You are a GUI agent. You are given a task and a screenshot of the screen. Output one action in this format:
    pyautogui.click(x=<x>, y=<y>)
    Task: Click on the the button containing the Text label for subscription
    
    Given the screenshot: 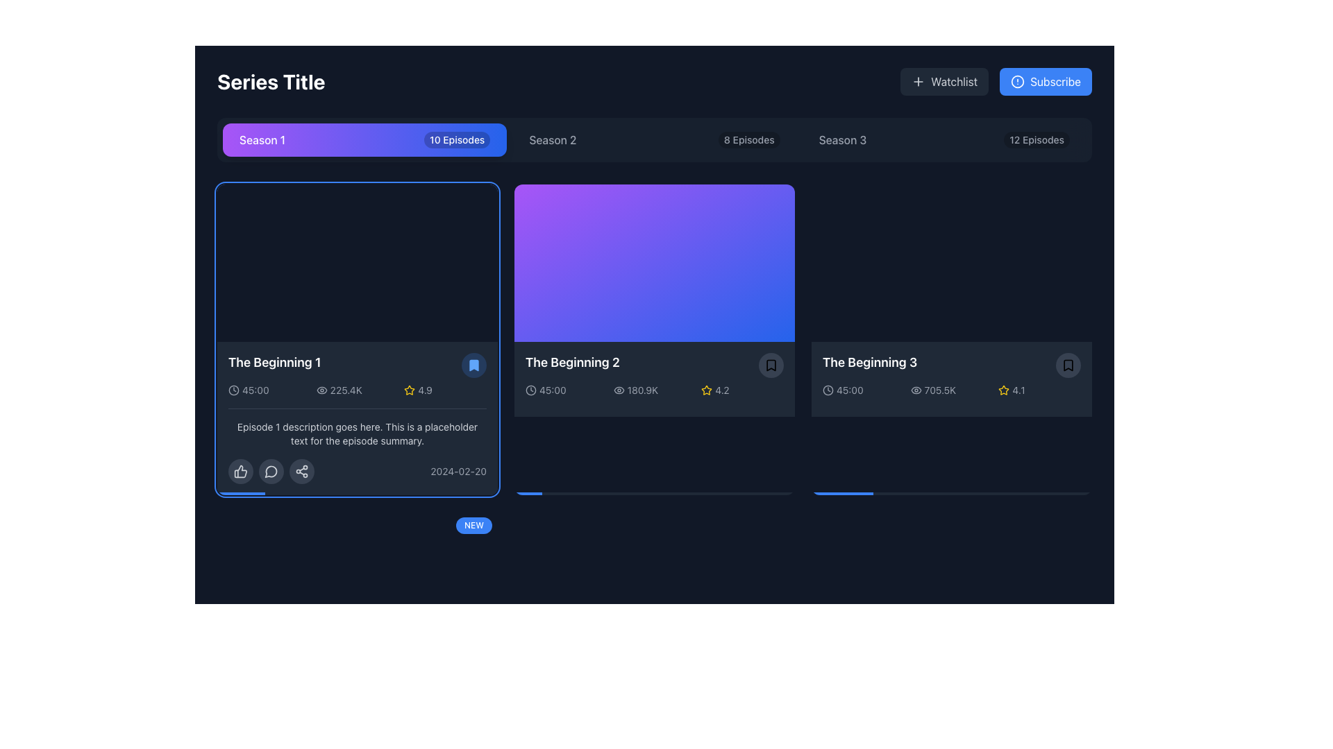 What is the action you would take?
    pyautogui.click(x=1055, y=82)
    